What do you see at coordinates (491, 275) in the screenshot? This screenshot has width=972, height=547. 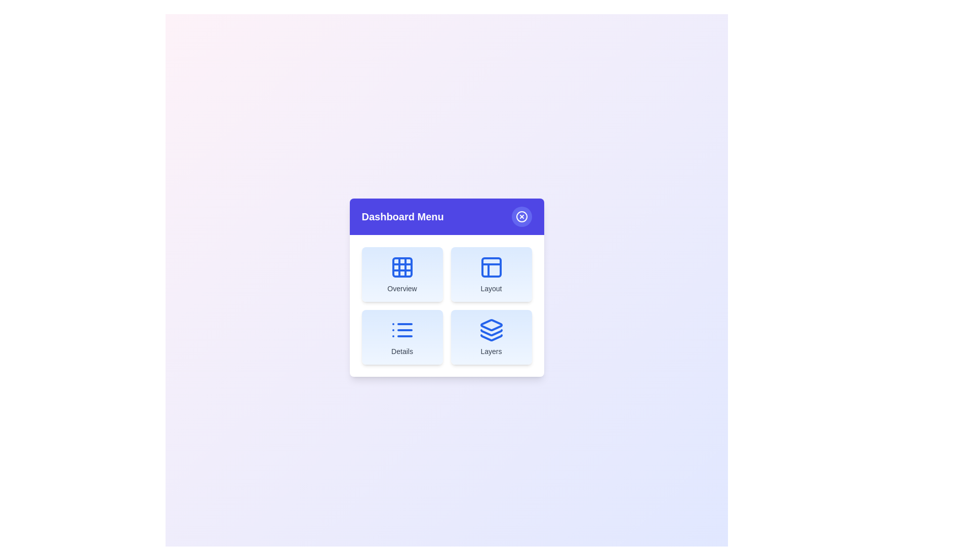 I see `the menu item labeled Layout` at bounding box center [491, 275].